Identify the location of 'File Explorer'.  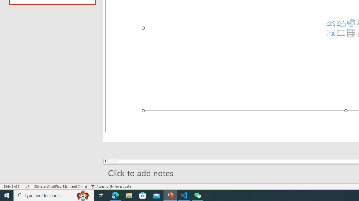
(129, 195).